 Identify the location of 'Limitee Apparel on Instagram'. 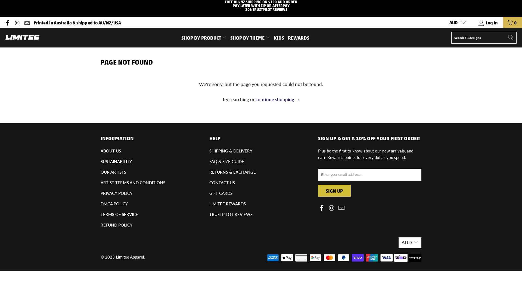
(17, 22).